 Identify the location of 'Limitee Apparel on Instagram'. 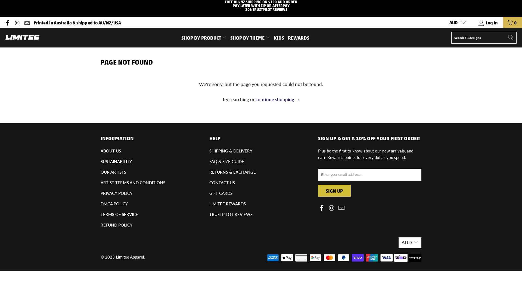
(17, 22).